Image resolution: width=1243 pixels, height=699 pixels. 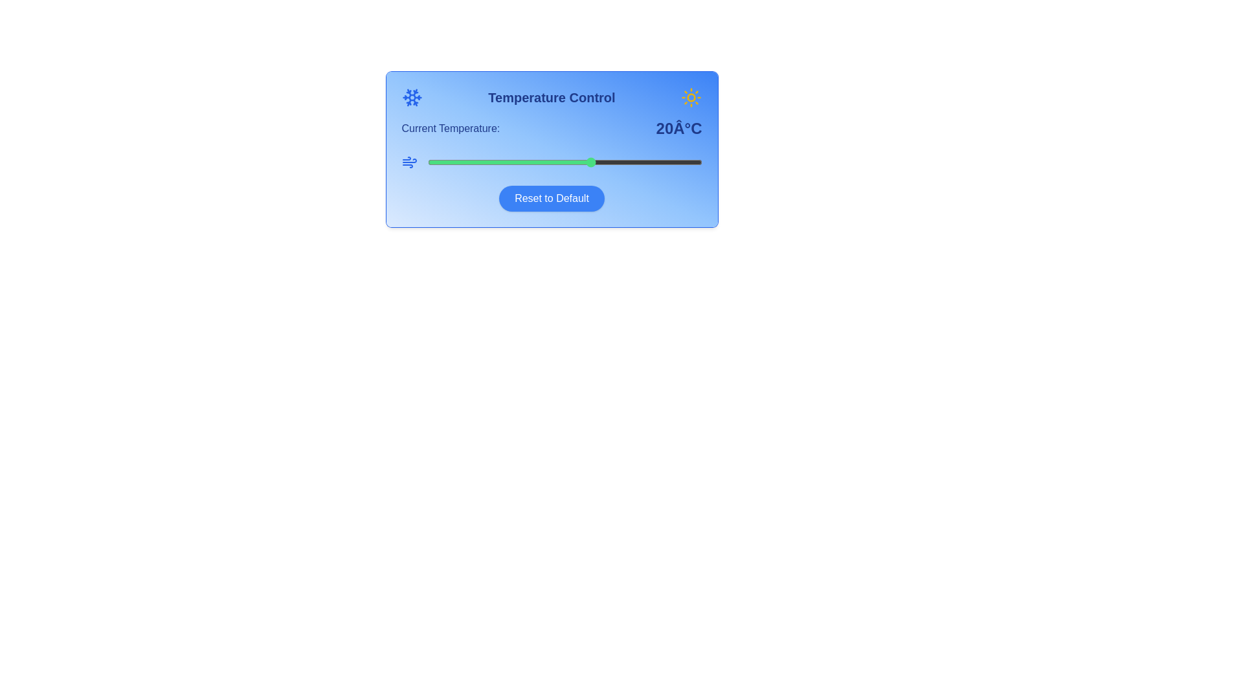 What do you see at coordinates (552, 161) in the screenshot?
I see `the range slider located in the 'Current Temperature' section, which is positioned below the label 'Current Temperature:' and to the left of the temperature reading '20°C', to provide visual feedback` at bounding box center [552, 161].